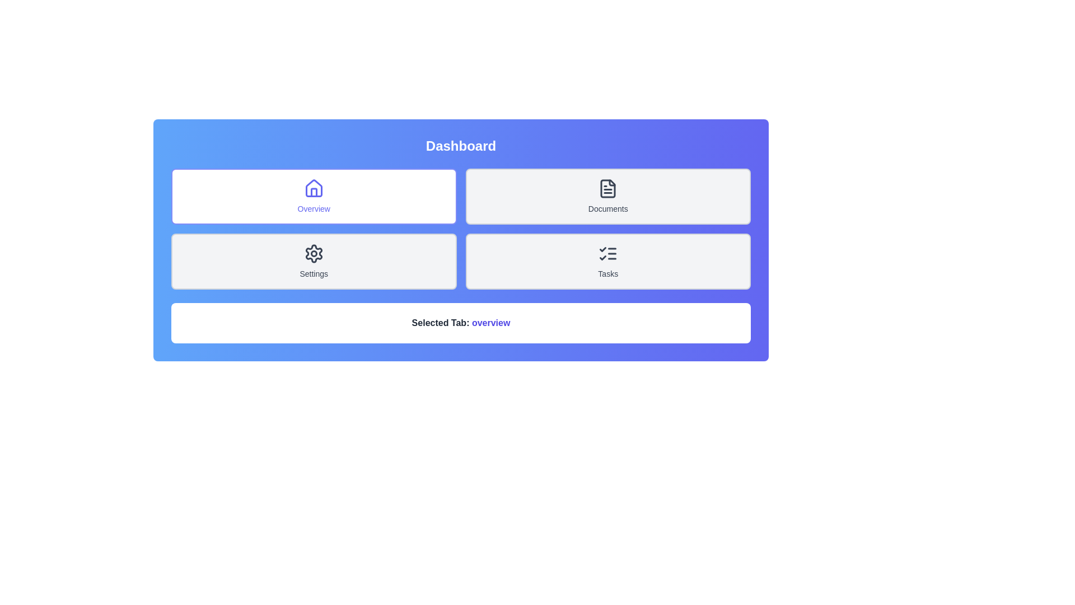 This screenshot has height=605, width=1075. Describe the element at coordinates (607, 196) in the screenshot. I see `the navigational button located` at that location.